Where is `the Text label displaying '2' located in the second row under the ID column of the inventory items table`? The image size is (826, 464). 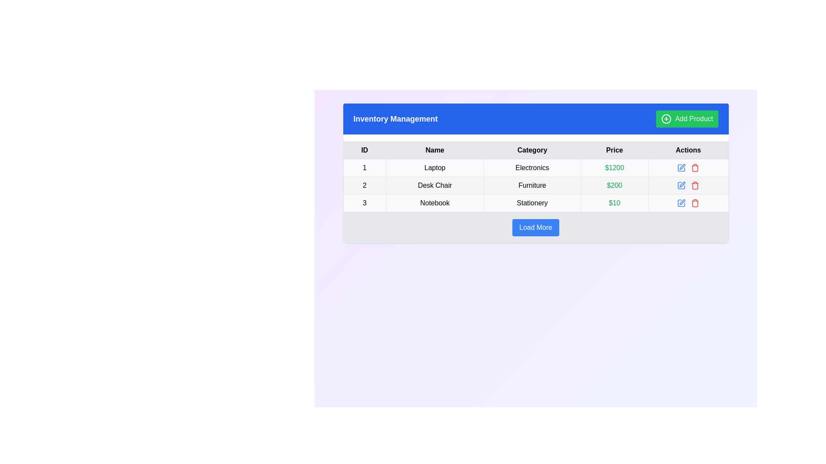
the Text label displaying '2' located in the second row under the ID column of the inventory items table is located at coordinates (364, 185).